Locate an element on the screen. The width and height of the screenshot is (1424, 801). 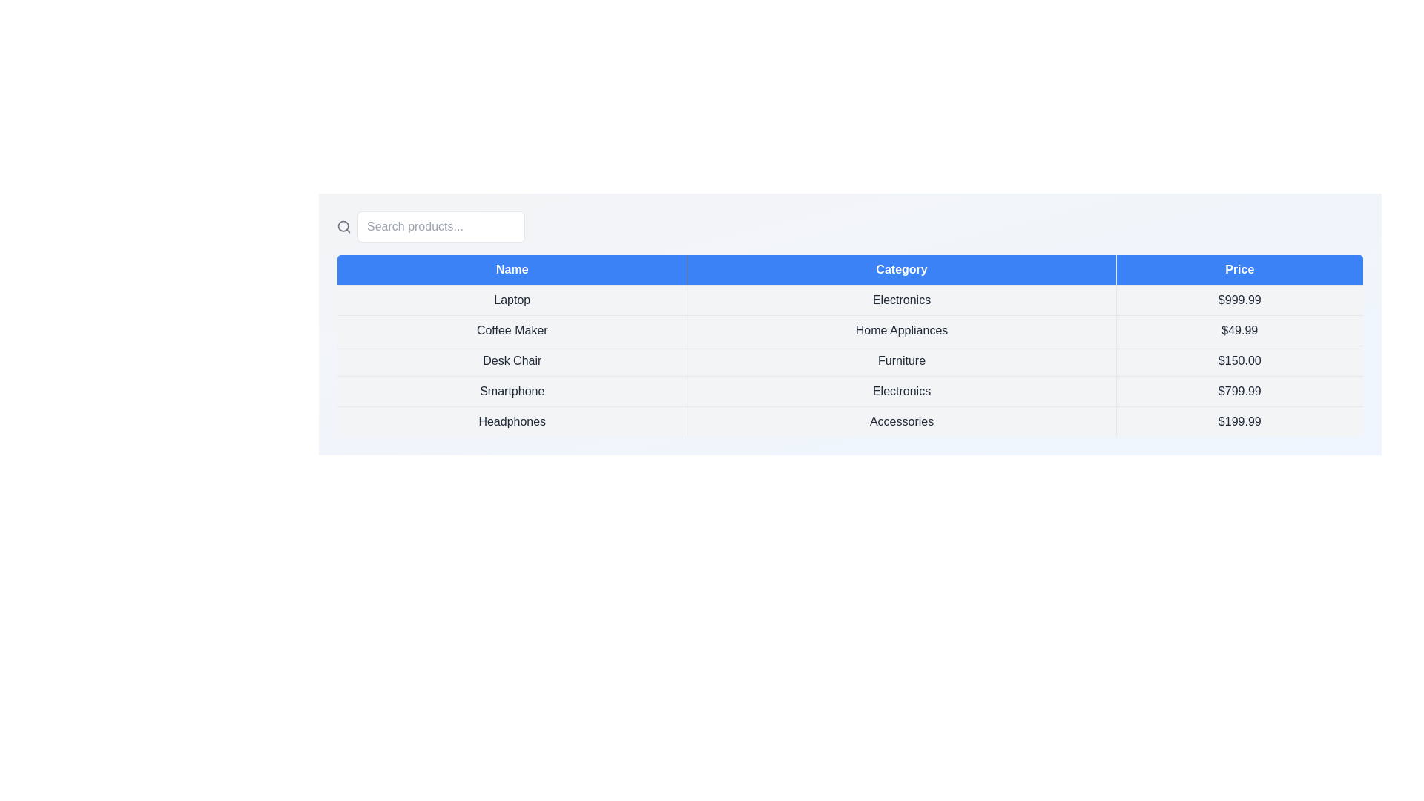
the table header labeled 'Price', which is styled with a blue background and bold white text, located in the top-right section of the table is located at coordinates (1239, 269).